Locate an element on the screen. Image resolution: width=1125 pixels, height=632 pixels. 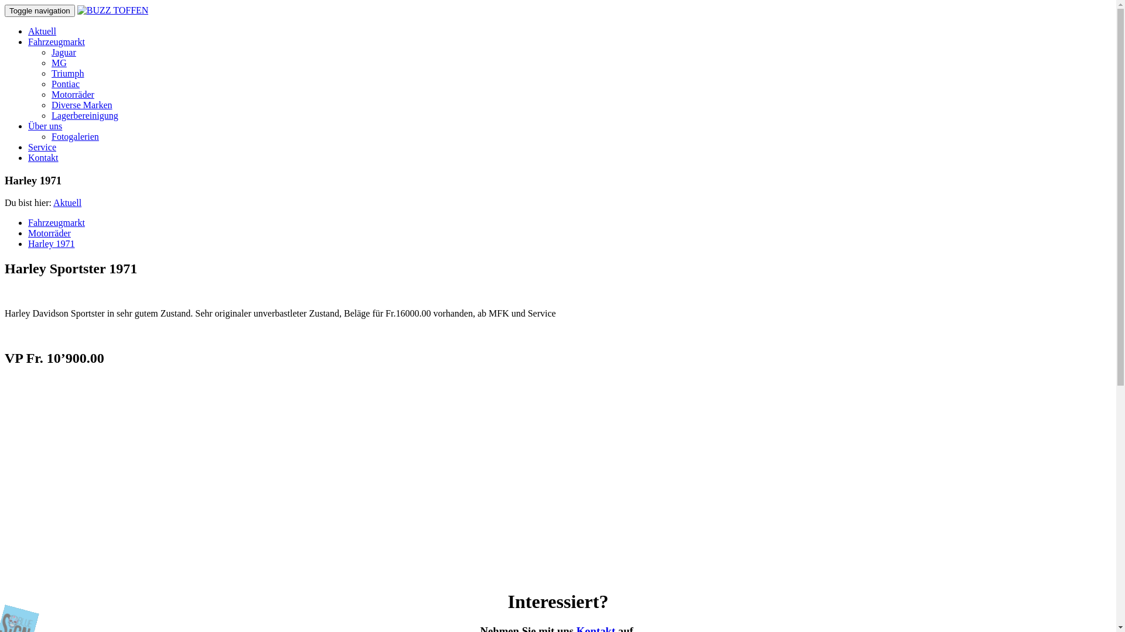
'Aktuell' is located at coordinates (42, 30).